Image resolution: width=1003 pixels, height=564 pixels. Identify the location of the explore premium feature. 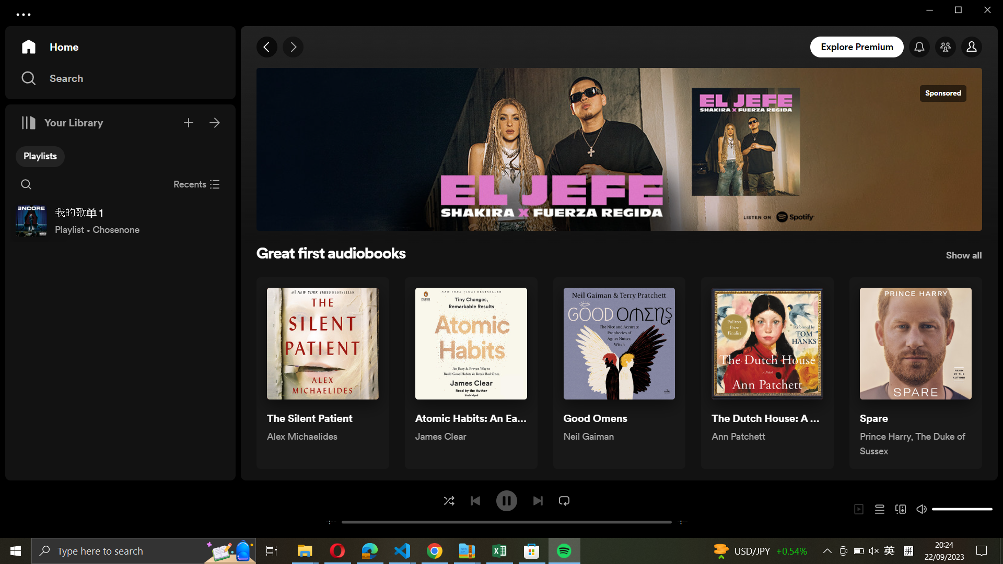
(858, 46).